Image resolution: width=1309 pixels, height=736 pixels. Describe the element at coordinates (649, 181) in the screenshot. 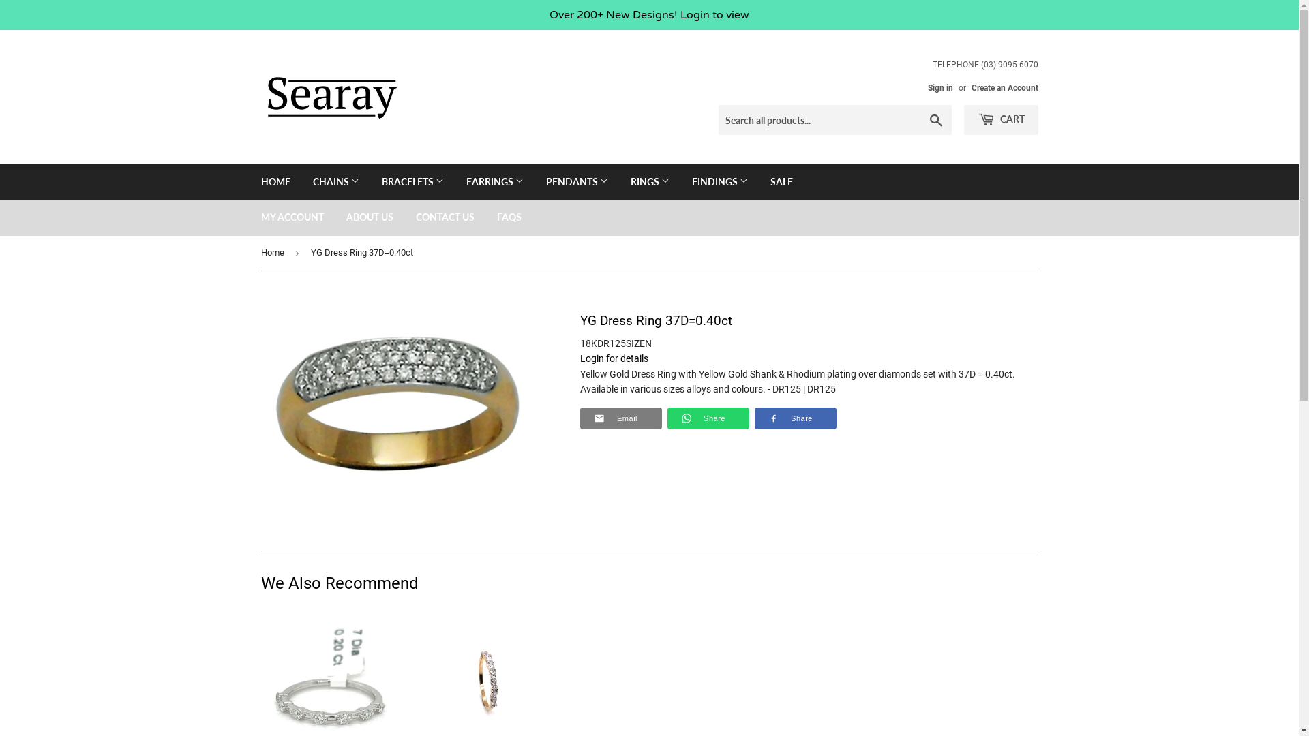

I see `'RINGS'` at that location.